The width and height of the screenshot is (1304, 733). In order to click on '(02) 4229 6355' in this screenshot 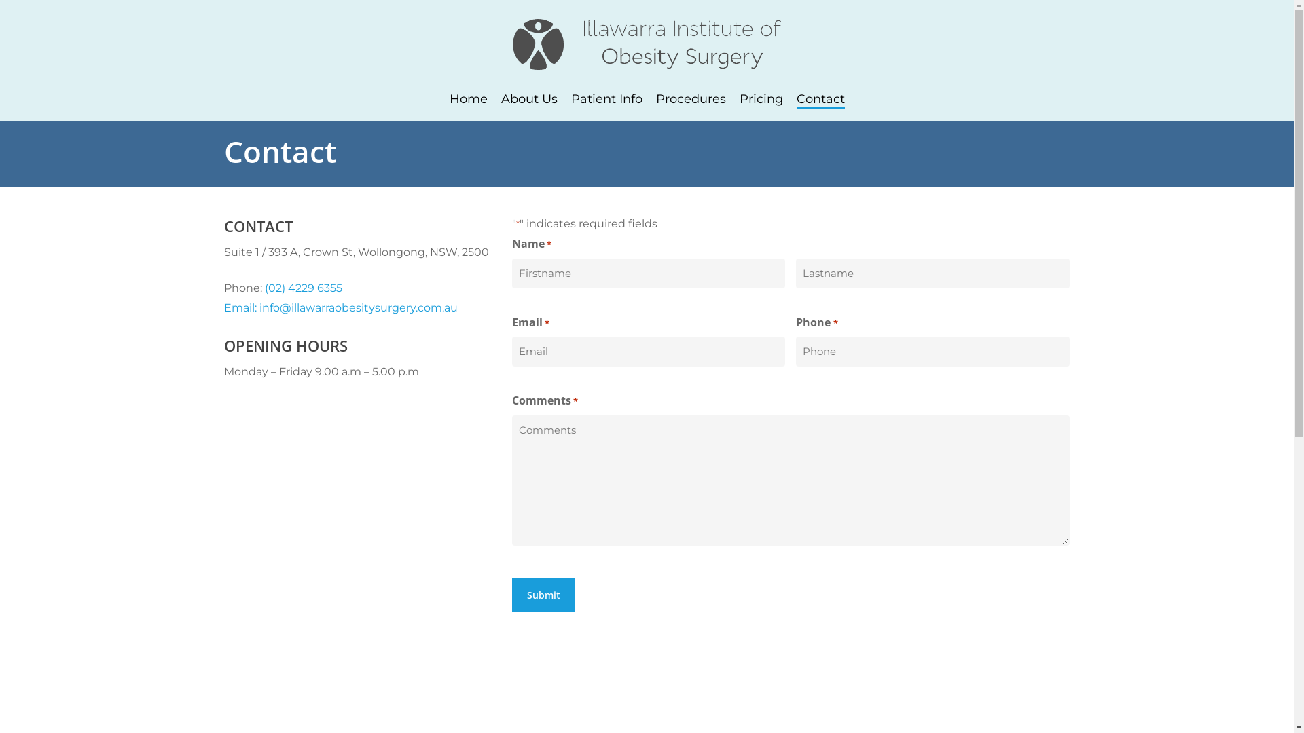, I will do `click(302, 287)`.